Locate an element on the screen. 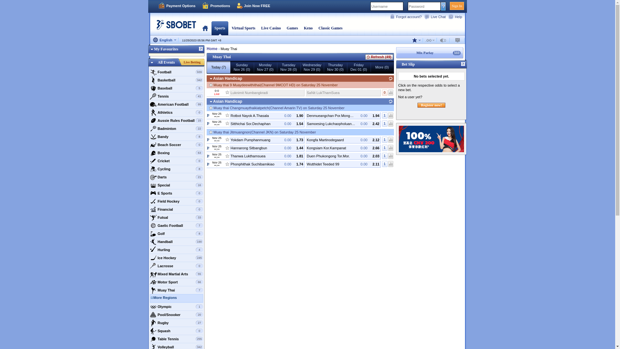 This screenshot has height=349, width=620. '2.11 is located at coordinates (305, 164).